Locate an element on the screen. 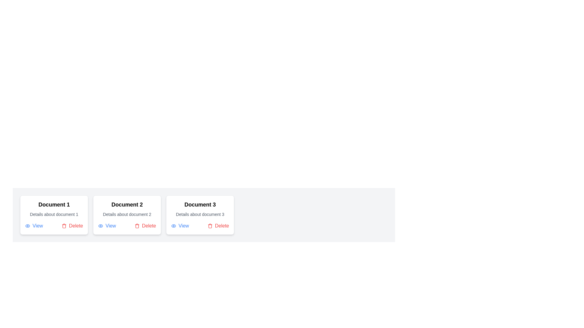 The width and height of the screenshot is (584, 328). the descriptive text label located below the title 'Document 3' in the card for 'Document 3' is located at coordinates (200, 214).